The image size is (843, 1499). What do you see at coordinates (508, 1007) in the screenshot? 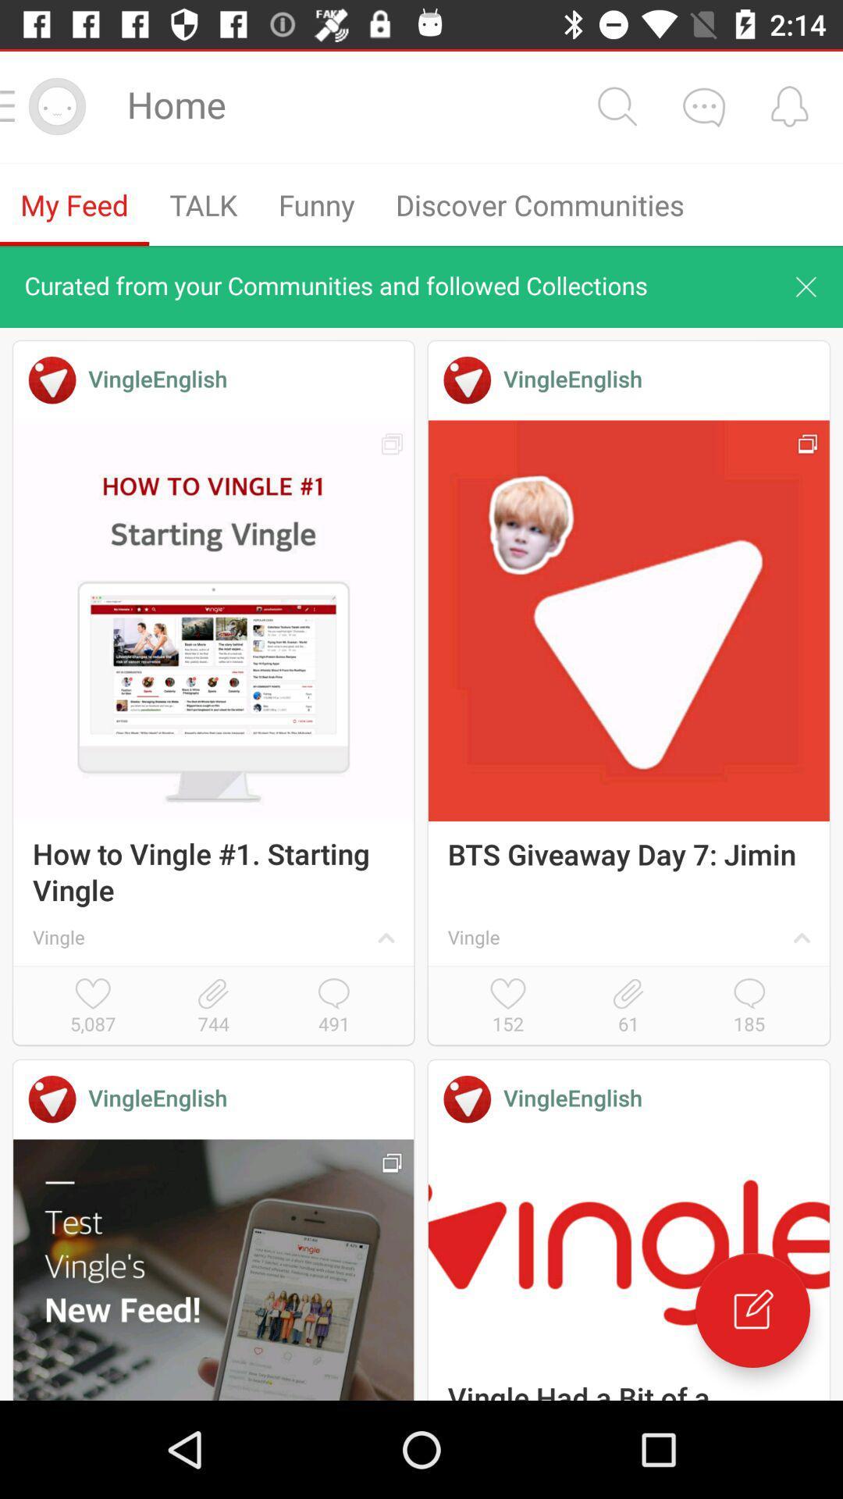
I see `the item to the right of 491 item` at bounding box center [508, 1007].